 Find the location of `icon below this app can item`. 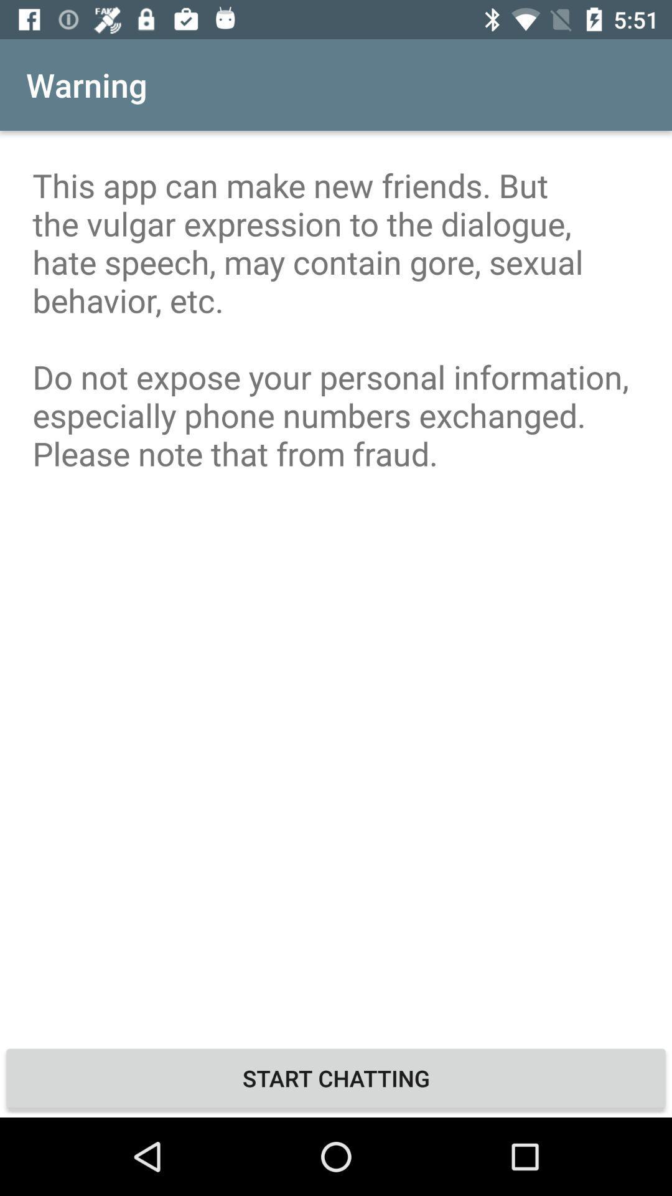

icon below this app can item is located at coordinates (336, 1078).